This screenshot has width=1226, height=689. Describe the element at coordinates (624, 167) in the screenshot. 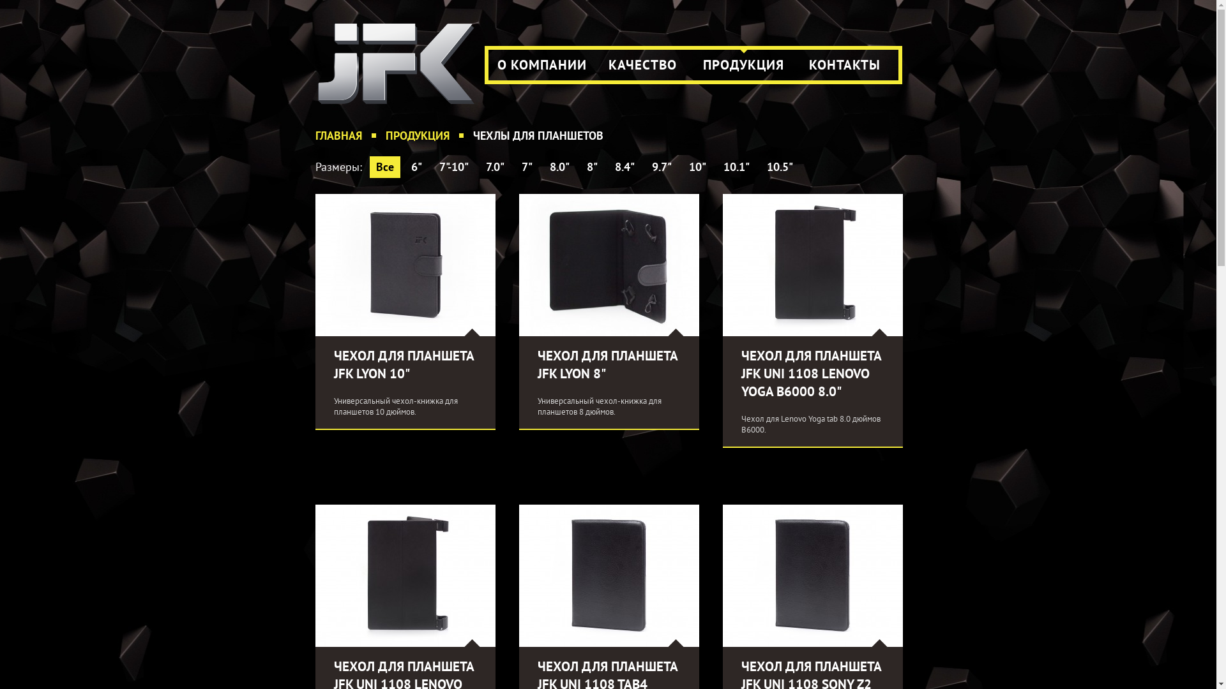

I see `'8.4"'` at that location.